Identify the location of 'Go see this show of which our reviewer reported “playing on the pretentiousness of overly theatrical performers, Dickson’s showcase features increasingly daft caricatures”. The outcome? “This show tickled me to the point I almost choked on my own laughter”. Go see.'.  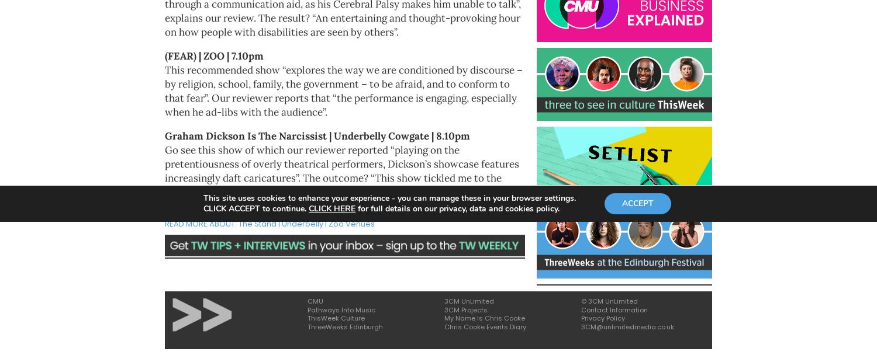
(341, 171).